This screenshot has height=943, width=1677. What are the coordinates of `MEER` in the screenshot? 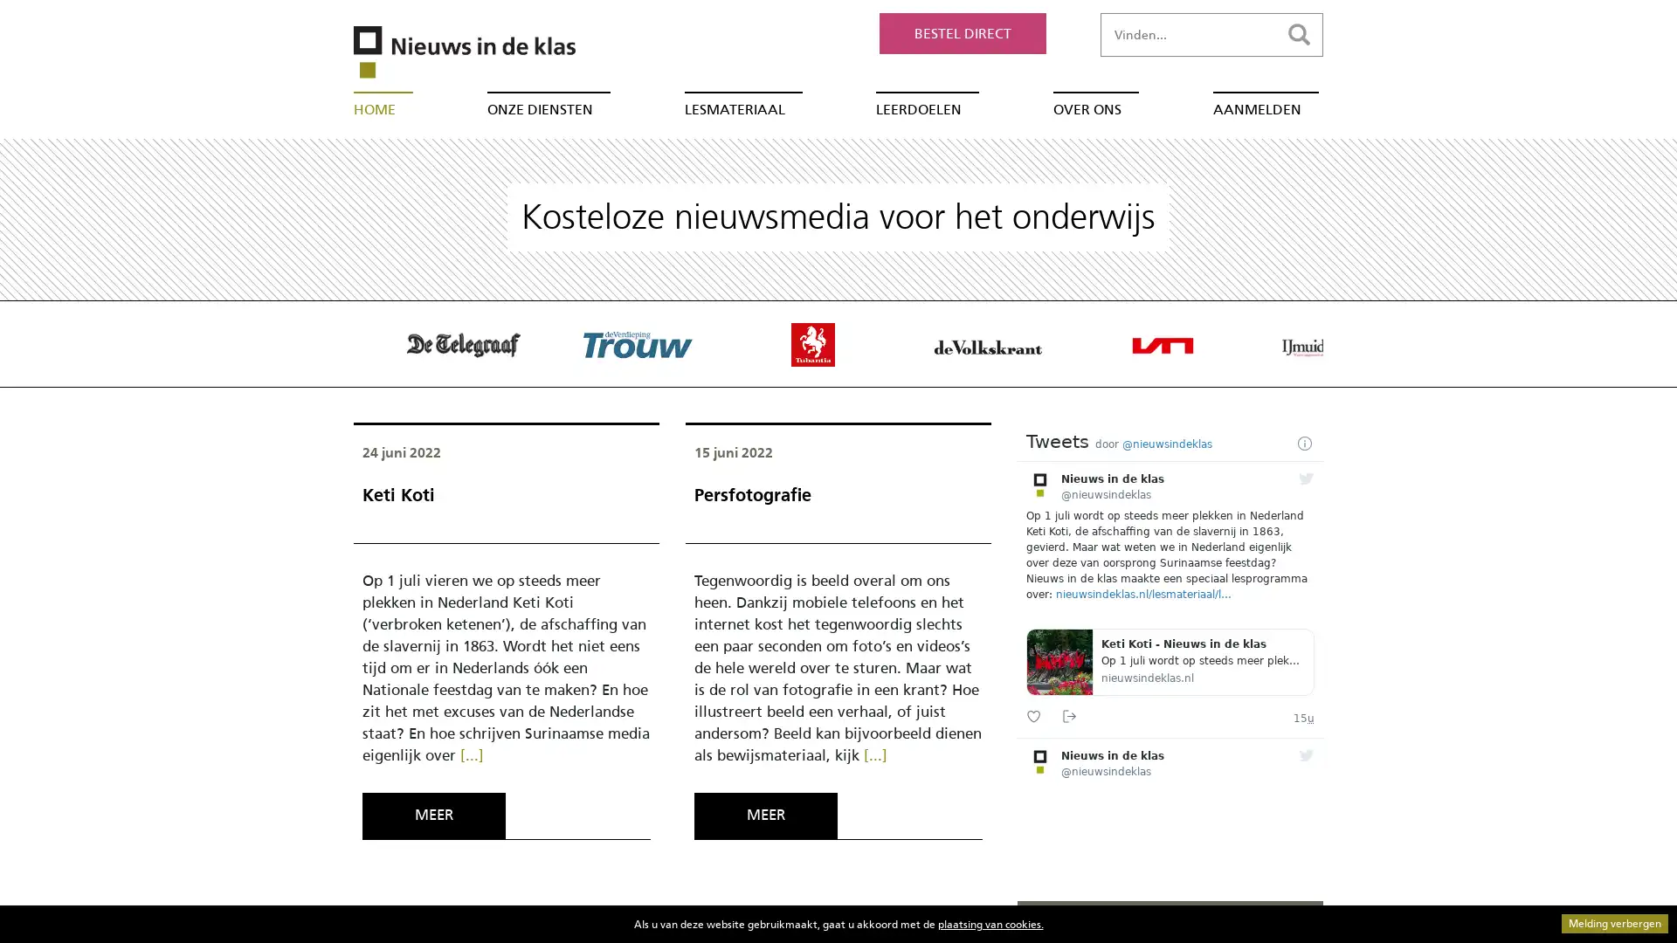 It's located at (764, 815).